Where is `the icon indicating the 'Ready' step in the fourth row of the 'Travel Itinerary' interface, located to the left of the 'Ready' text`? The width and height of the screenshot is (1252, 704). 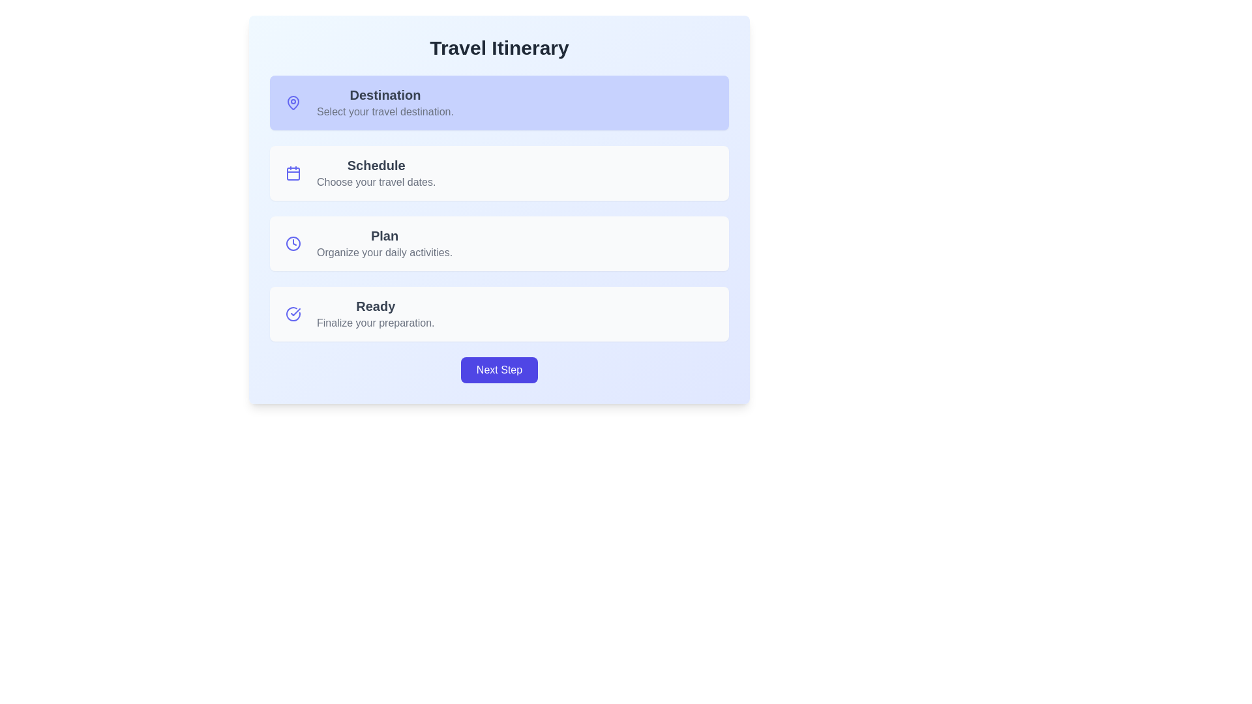 the icon indicating the 'Ready' step in the fourth row of the 'Travel Itinerary' interface, located to the left of the 'Ready' text is located at coordinates (293, 314).